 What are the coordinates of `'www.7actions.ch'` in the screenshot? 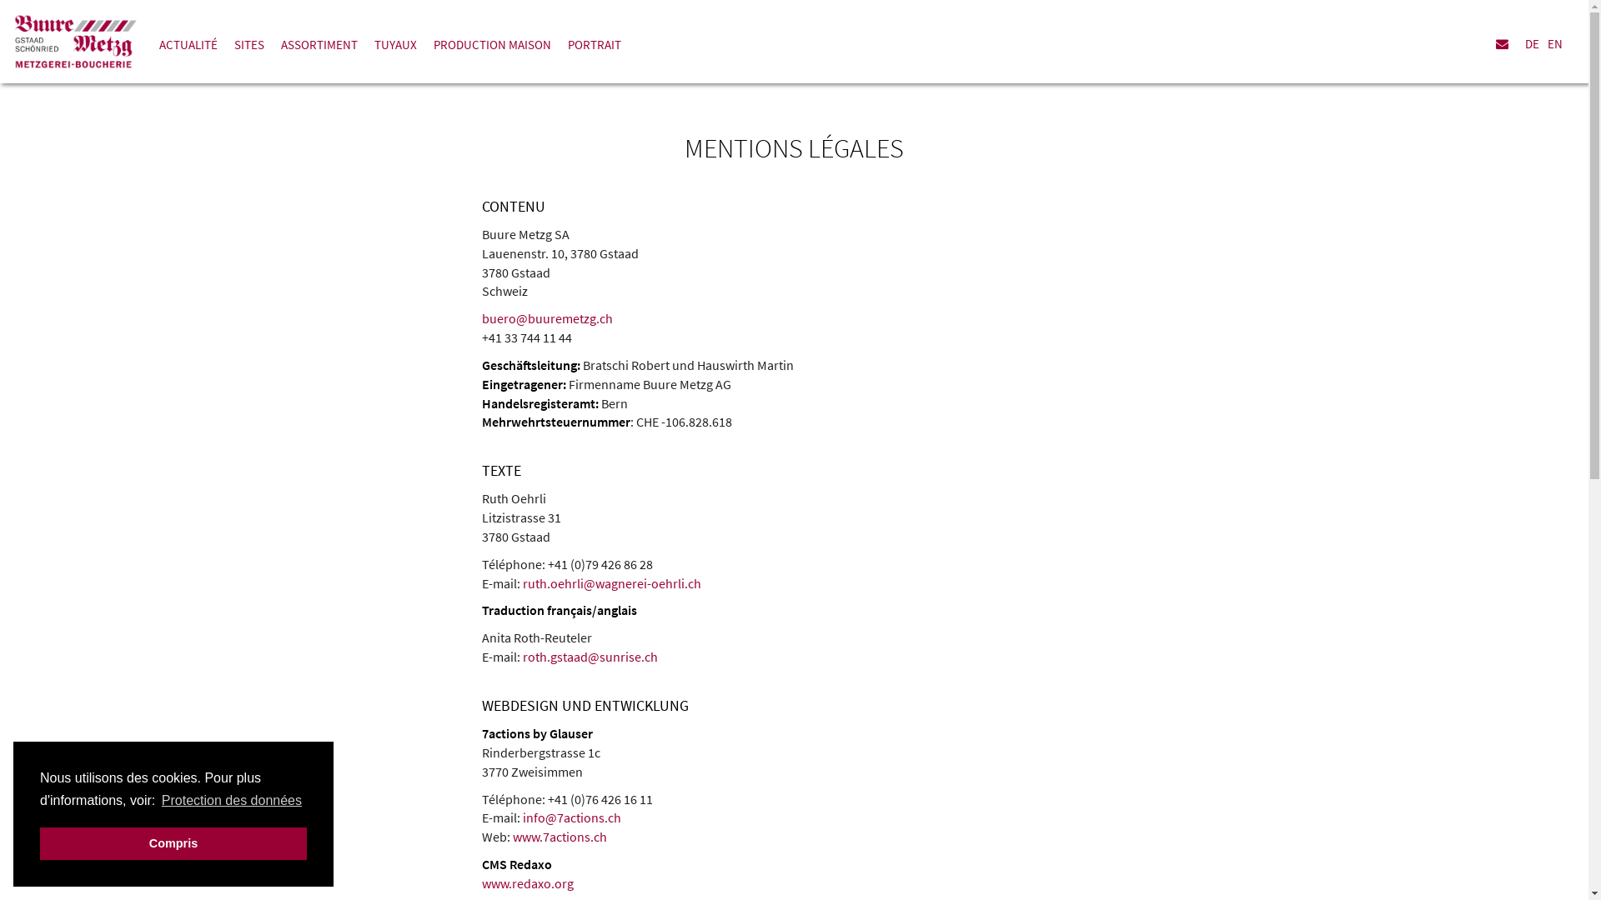 It's located at (511, 836).